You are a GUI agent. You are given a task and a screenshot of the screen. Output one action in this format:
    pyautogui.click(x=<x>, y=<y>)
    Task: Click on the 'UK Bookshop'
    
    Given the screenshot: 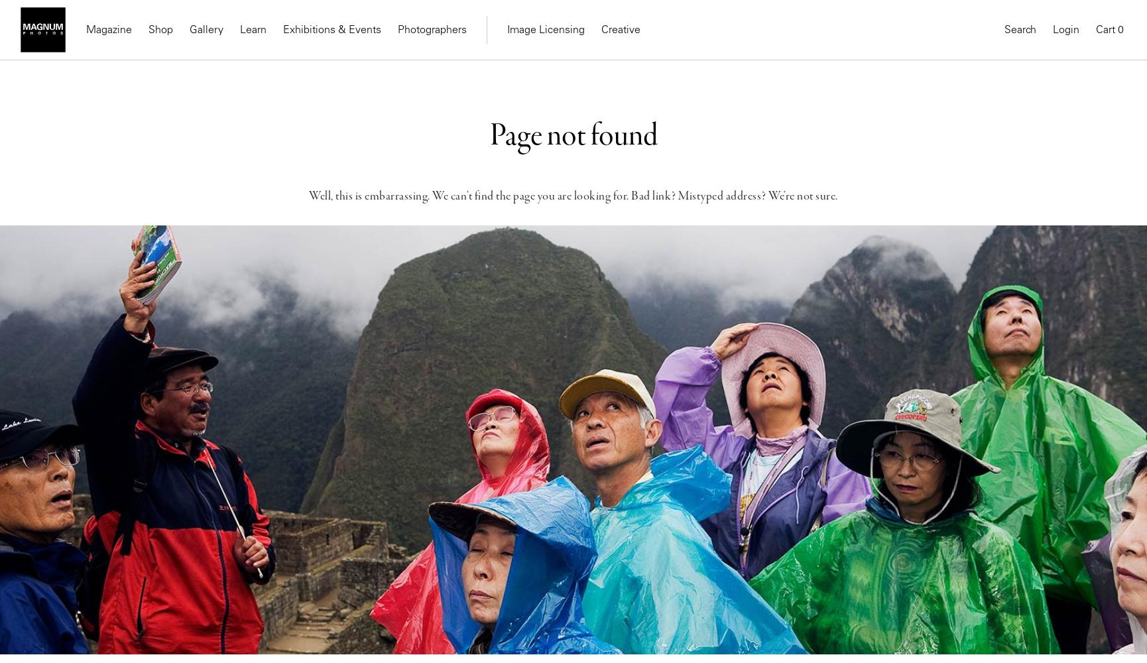 What is the action you would take?
    pyautogui.click(x=320, y=156)
    